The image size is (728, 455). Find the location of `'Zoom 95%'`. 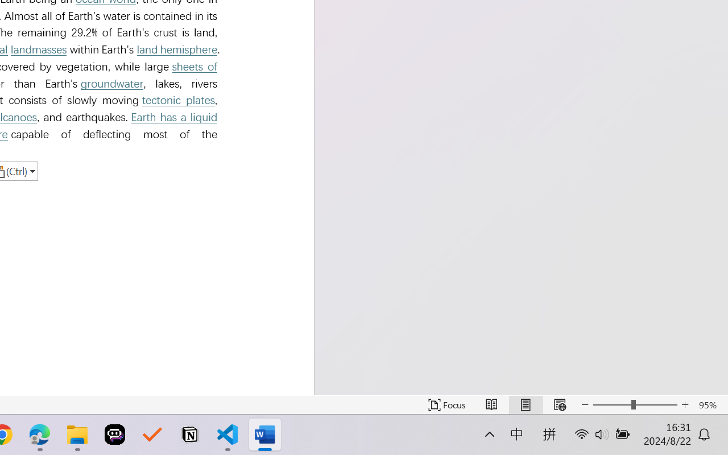

'Zoom 95%' is located at coordinates (710, 404).